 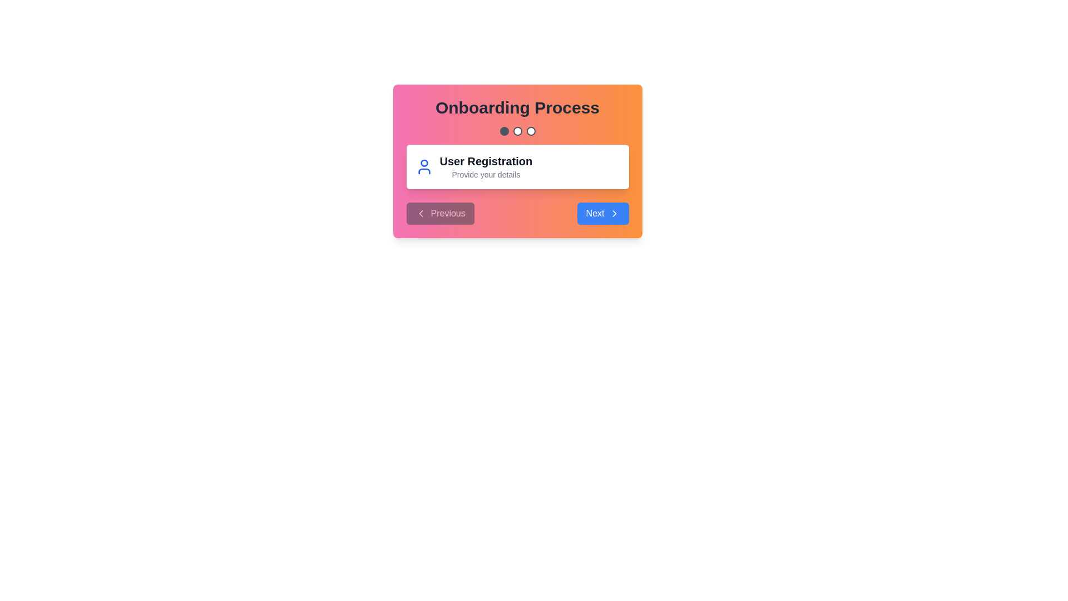 I want to click on the leftmost progress indicator dot in the onboarding process card, which visually represents the current step in a multi-step process, so click(x=503, y=130).